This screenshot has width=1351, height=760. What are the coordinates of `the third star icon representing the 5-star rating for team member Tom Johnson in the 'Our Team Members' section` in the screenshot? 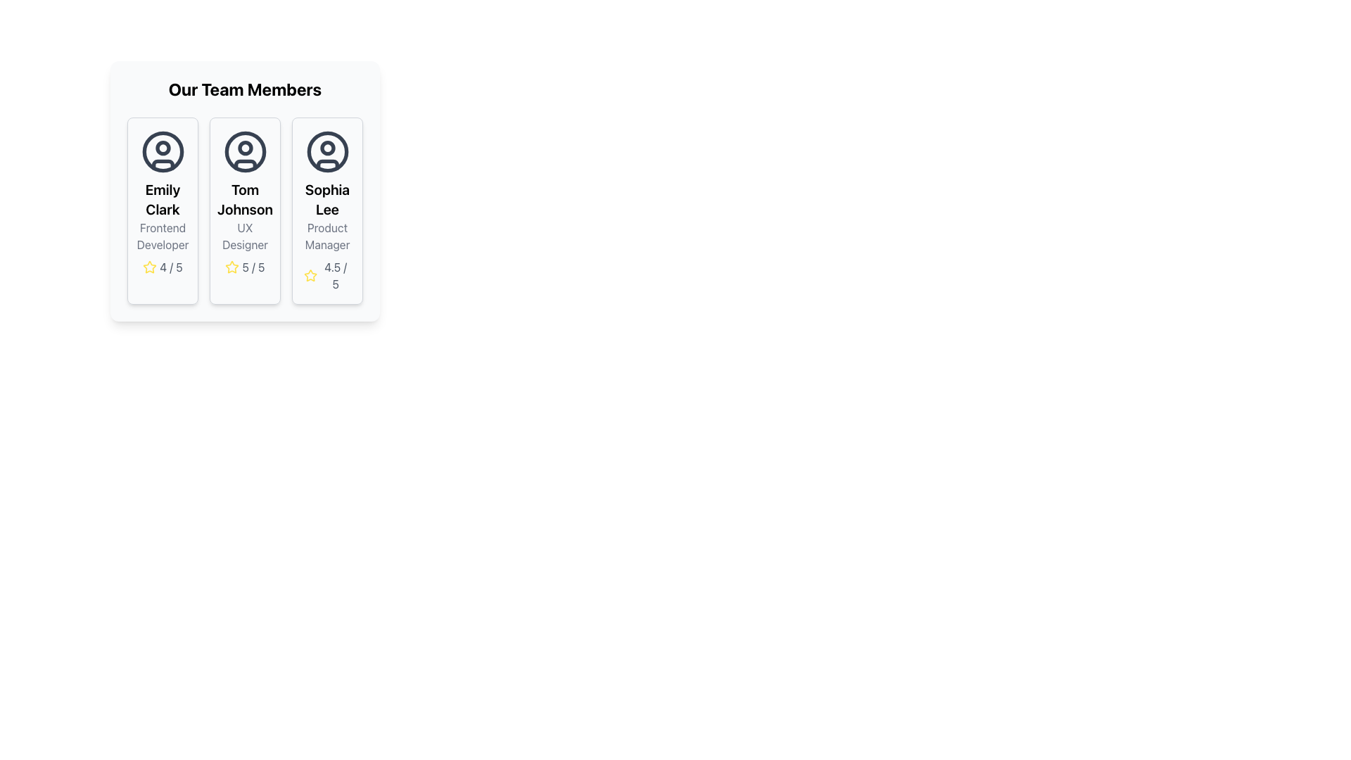 It's located at (232, 267).